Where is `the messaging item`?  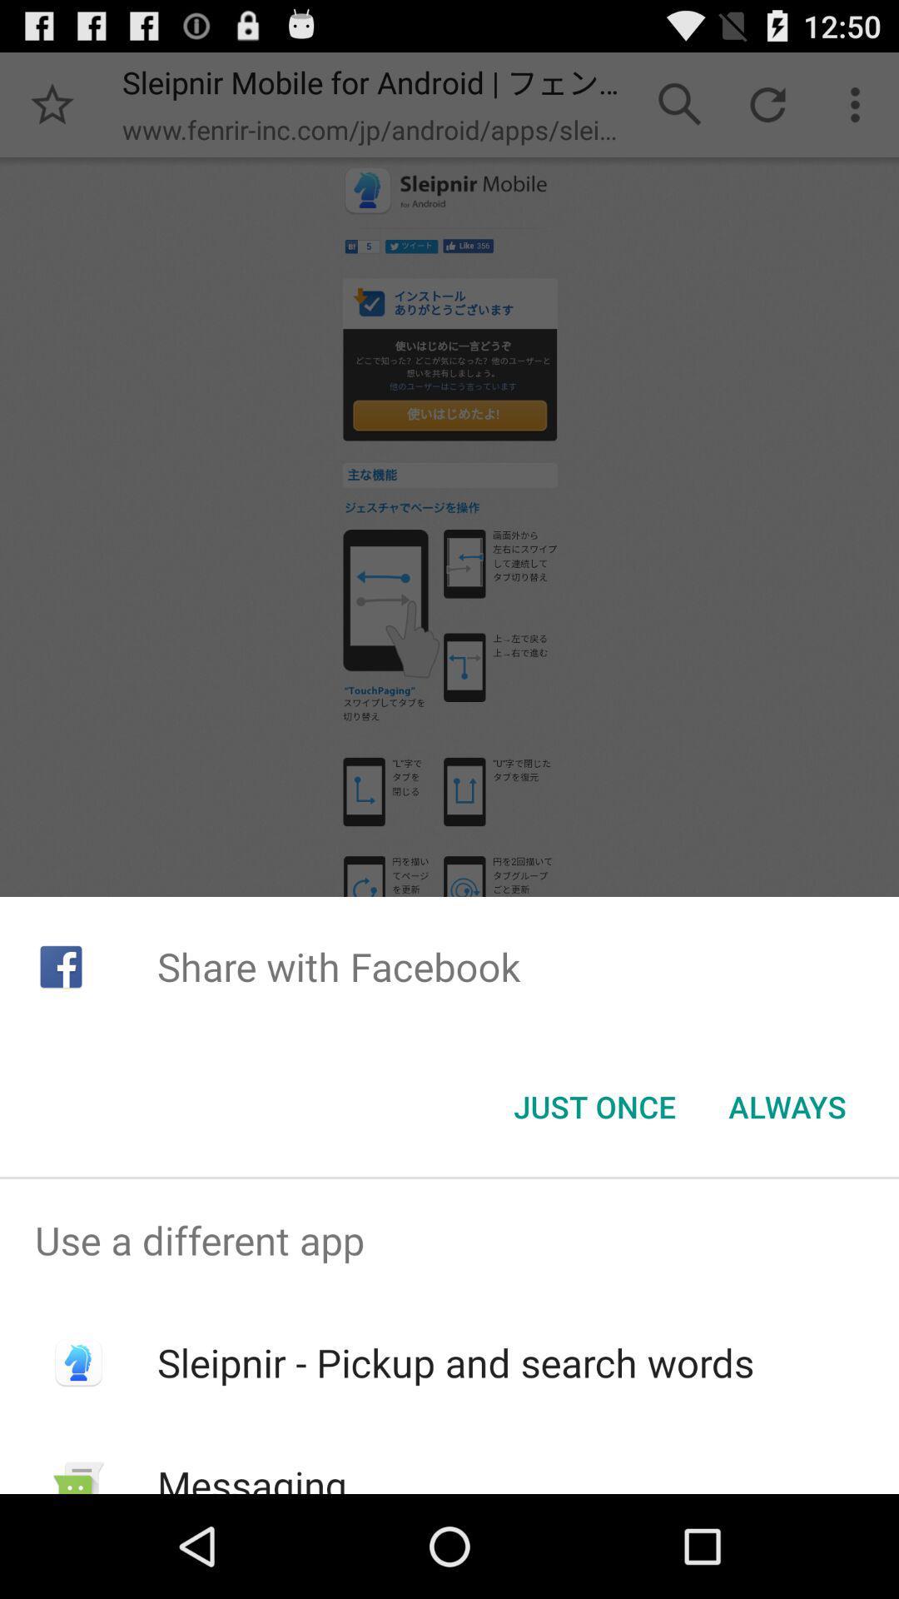
the messaging item is located at coordinates (252, 1476).